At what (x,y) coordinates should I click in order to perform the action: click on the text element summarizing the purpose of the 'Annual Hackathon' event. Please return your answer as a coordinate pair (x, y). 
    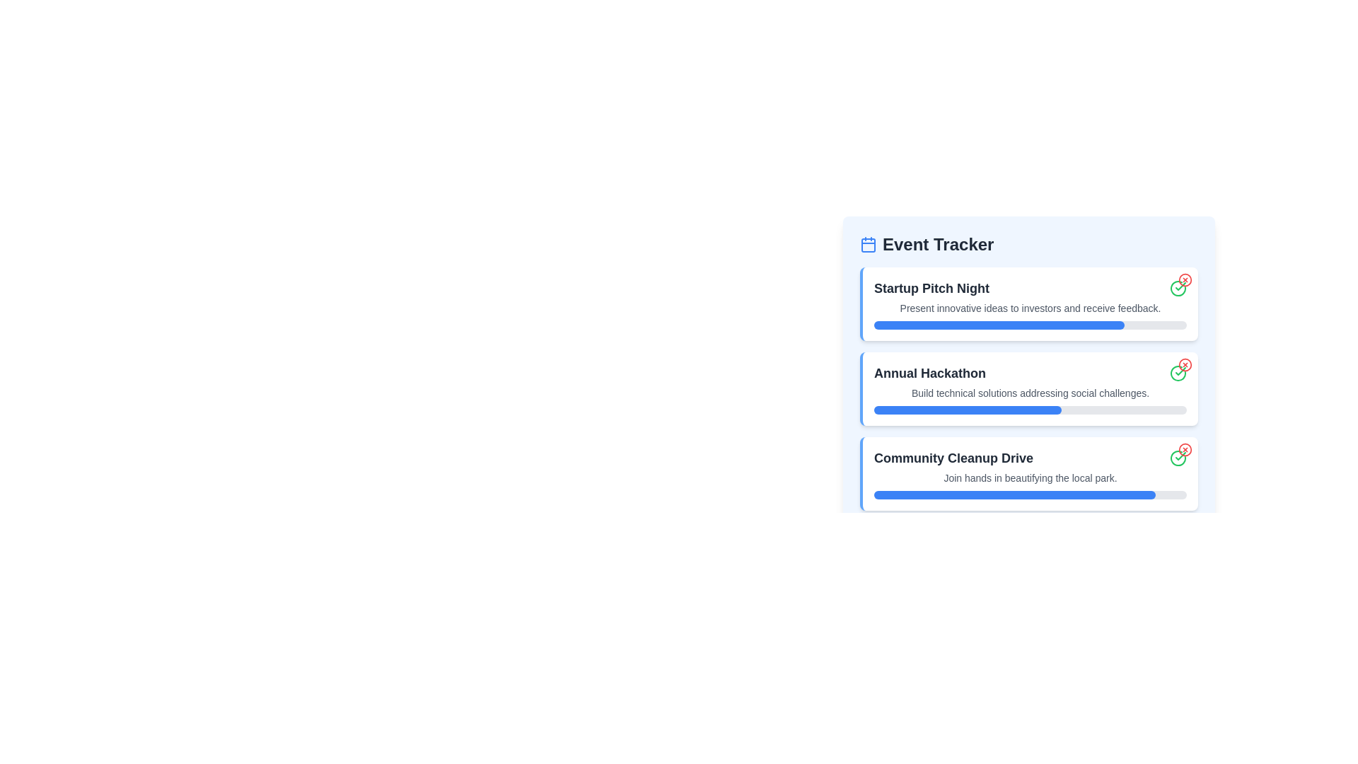
    Looking at the image, I should click on (1031, 393).